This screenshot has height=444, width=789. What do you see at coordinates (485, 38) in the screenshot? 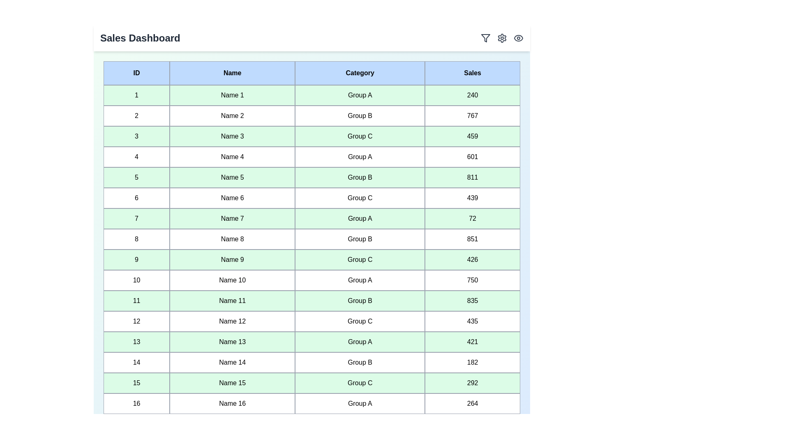
I see `the filter icon to apply filters to the table data` at bounding box center [485, 38].